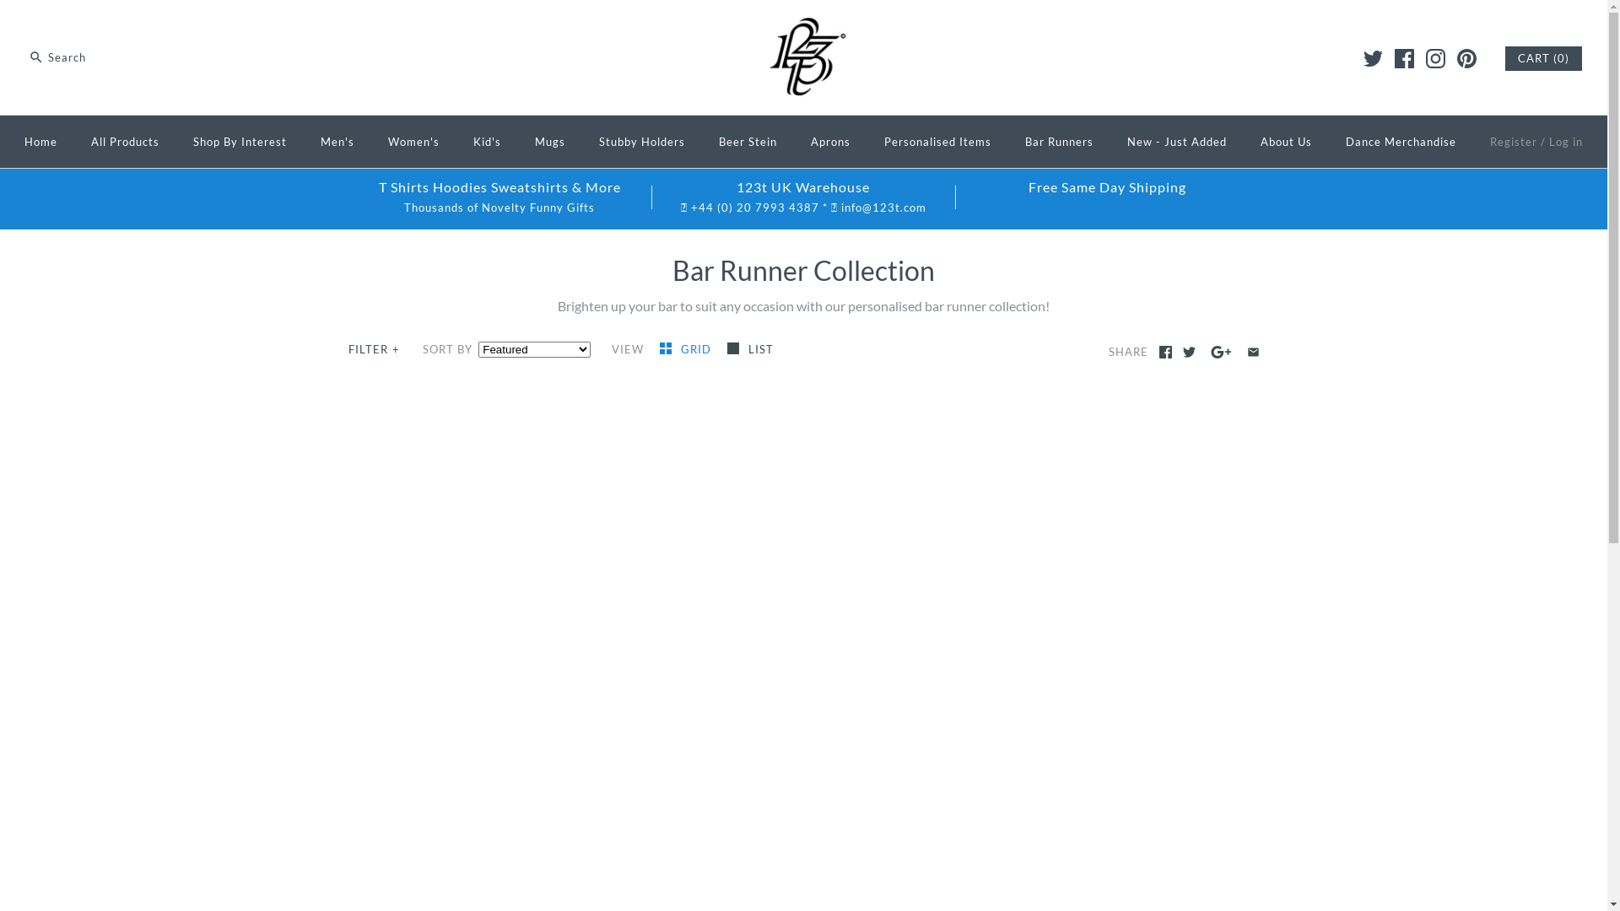 This screenshot has height=911, width=1620. What do you see at coordinates (1466, 57) in the screenshot?
I see `'Pinterest'` at bounding box center [1466, 57].